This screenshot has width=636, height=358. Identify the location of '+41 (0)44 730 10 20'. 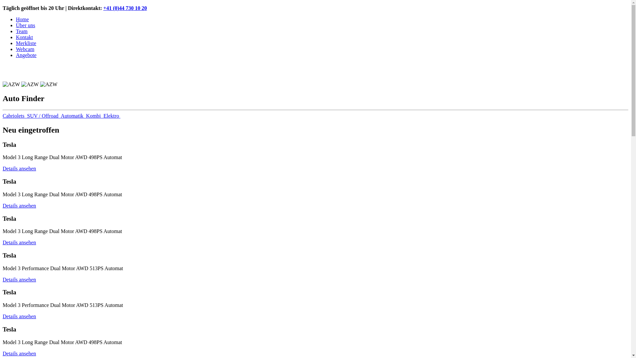
(125, 8).